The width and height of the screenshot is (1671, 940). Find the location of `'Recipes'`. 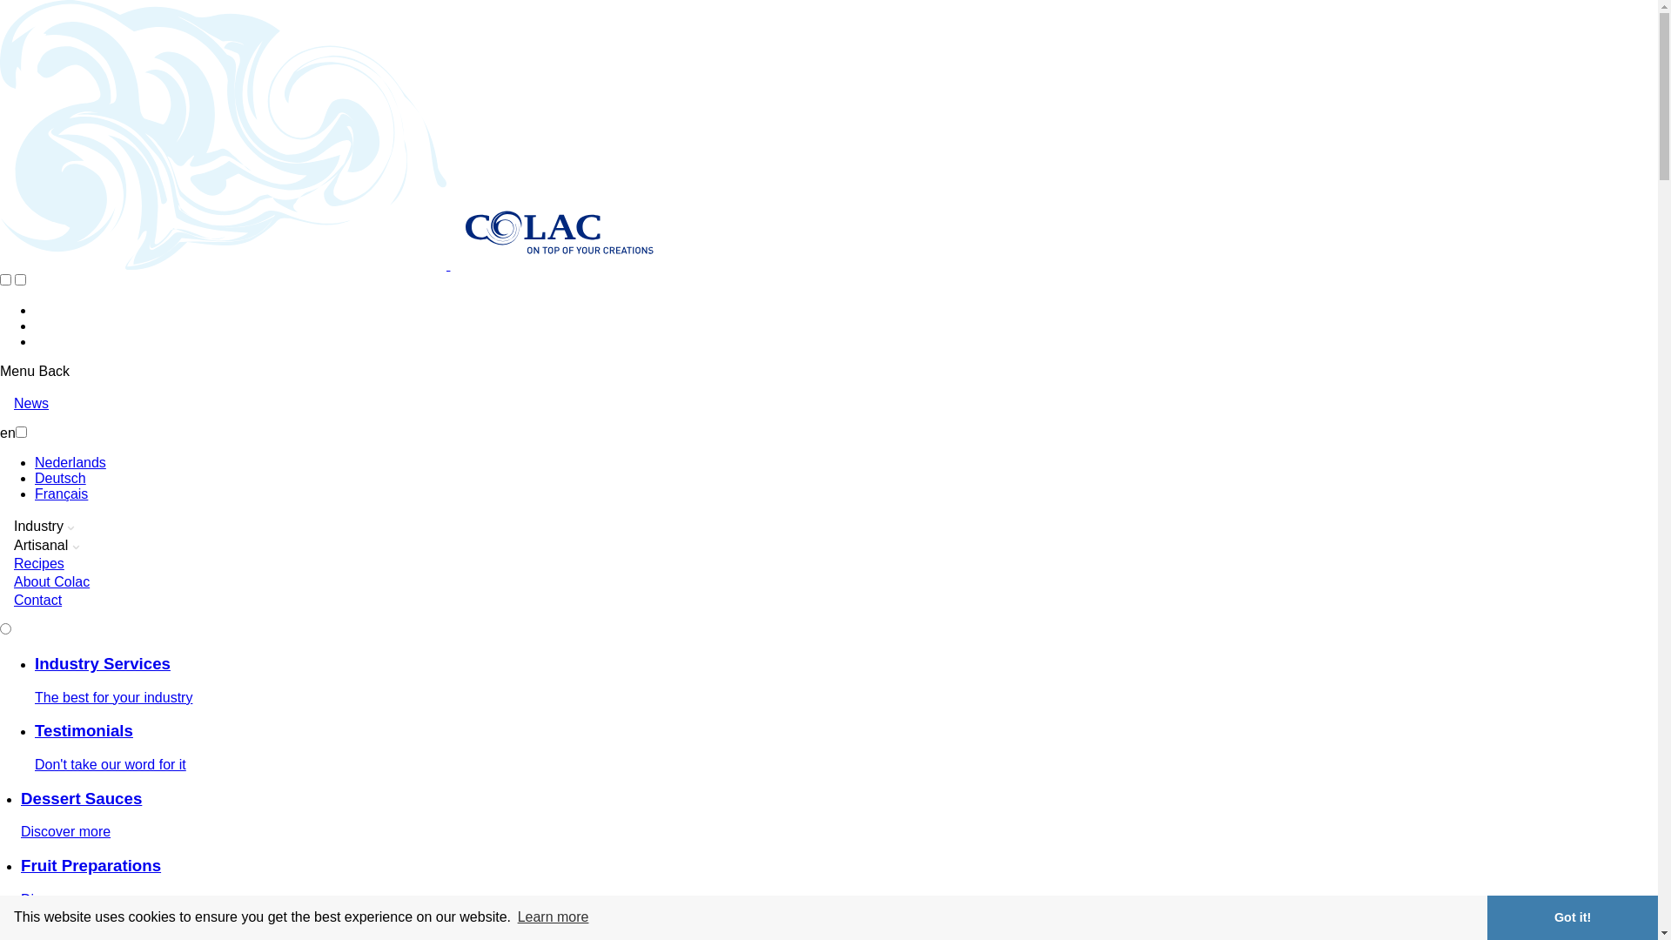

'Recipes' is located at coordinates (38, 563).